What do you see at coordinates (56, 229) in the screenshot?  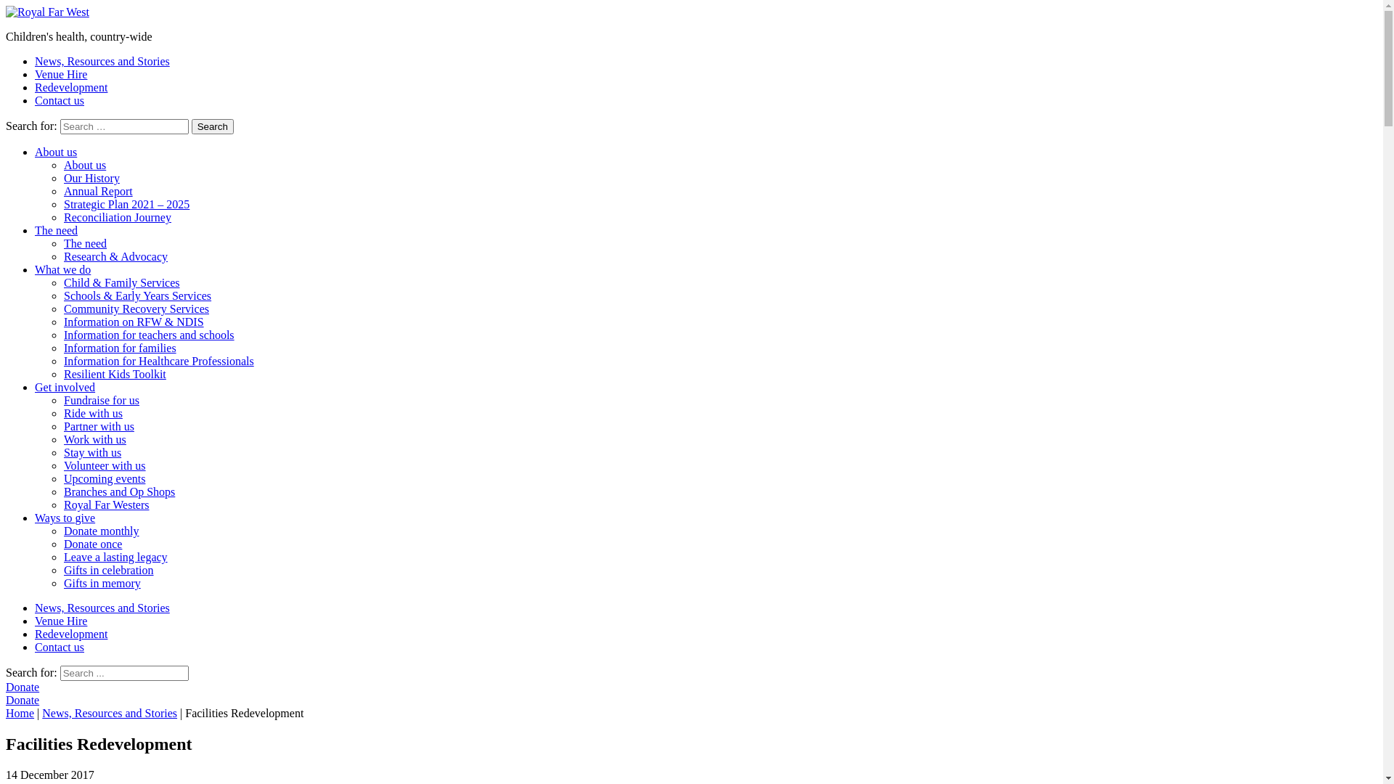 I see `'The need'` at bounding box center [56, 229].